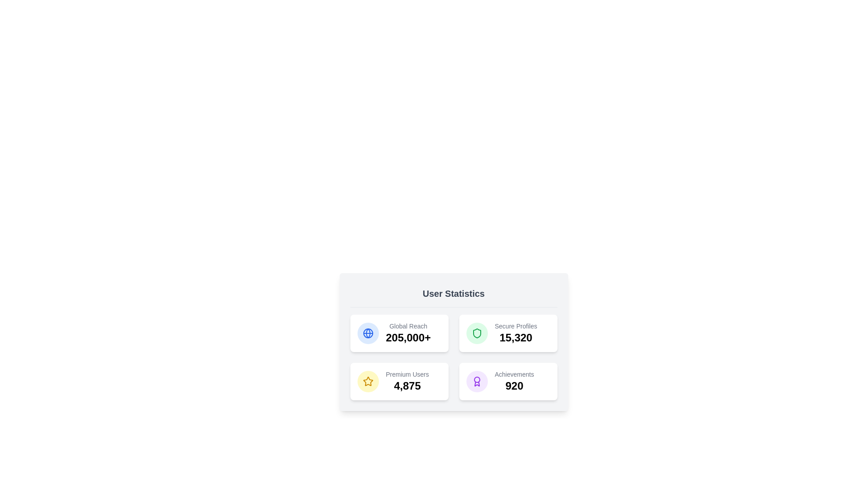 The width and height of the screenshot is (857, 482). I want to click on the circular green icon with a shield inside, located in the top-right quadrant of the 'Secure Profiles 15,320' card, to the left of the text content, so click(476, 333).